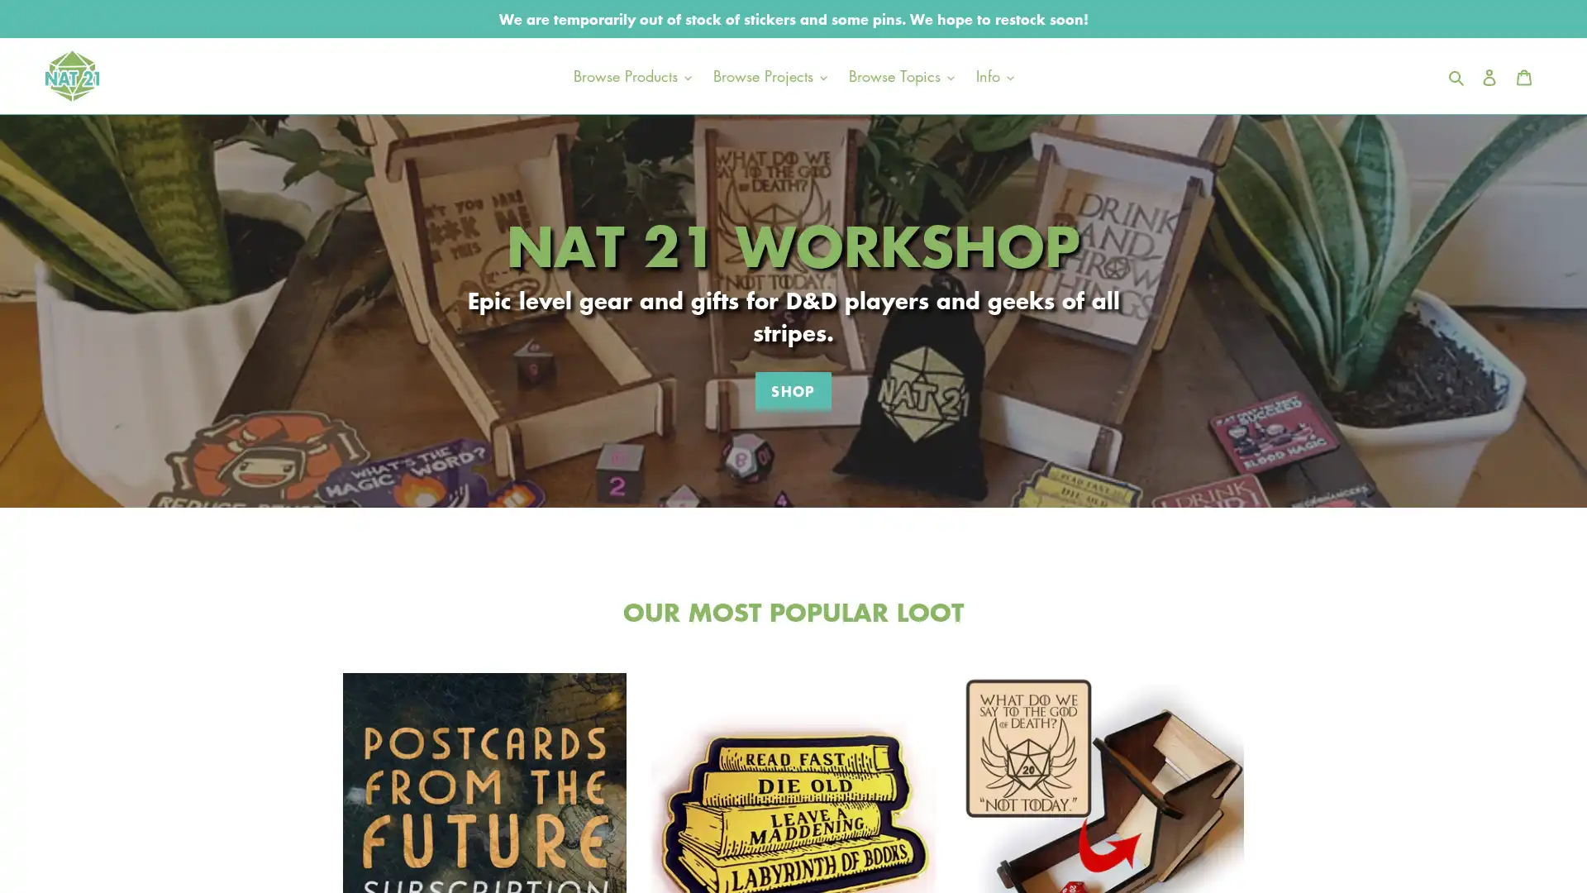 This screenshot has height=893, width=1587. What do you see at coordinates (899, 75) in the screenshot?
I see `Browse Topics` at bounding box center [899, 75].